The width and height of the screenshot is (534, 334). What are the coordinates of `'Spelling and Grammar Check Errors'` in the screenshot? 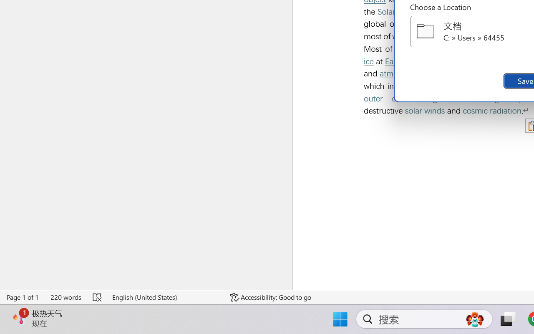 It's located at (98, 297).